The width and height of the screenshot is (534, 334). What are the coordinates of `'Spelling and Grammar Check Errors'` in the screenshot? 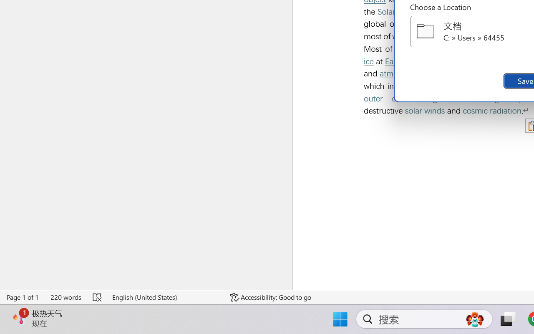 It's located at (98, 297).